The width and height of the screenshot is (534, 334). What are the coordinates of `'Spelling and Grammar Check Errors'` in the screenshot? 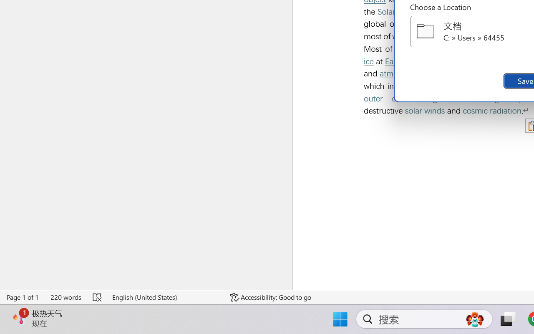 It's located at (98, 297).